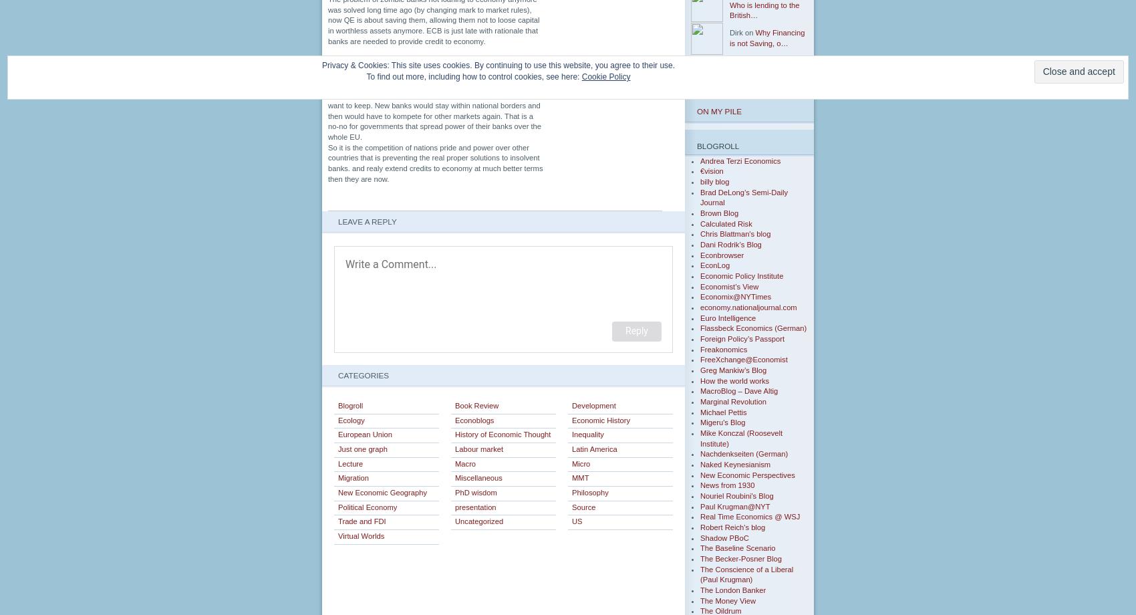 This screenshot has width=1136, height=615. Describe the element at coordinates (366, 221) in the screenshot. I see `'Leave a Reply'` at that location.